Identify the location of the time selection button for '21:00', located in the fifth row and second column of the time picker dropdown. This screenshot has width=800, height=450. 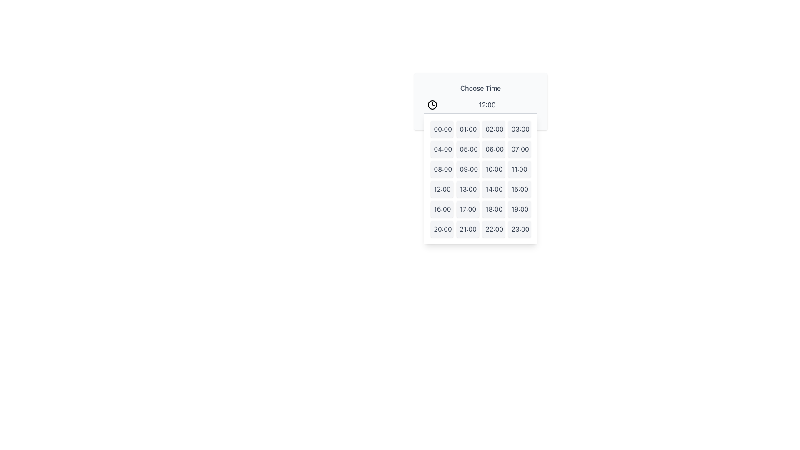
(467, 229).